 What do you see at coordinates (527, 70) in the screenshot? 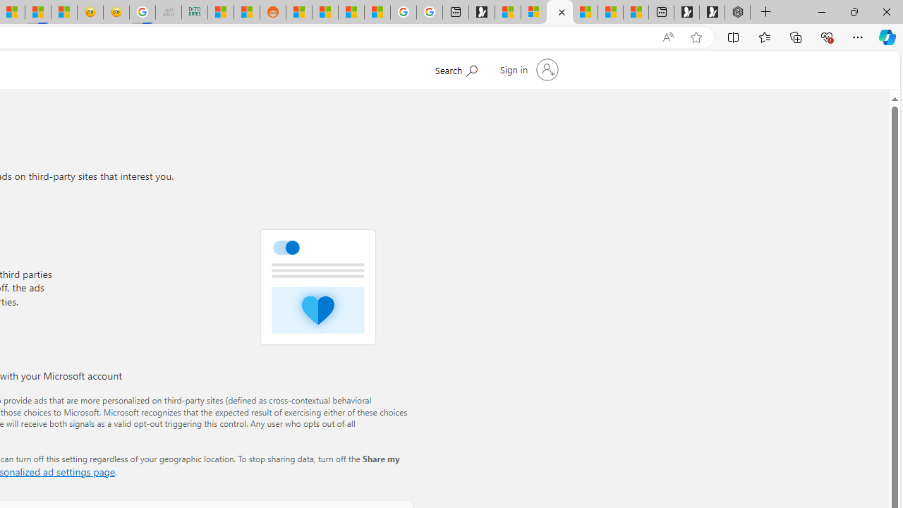
I see `'Sign in to your account'` at bounding box center [527, 70].